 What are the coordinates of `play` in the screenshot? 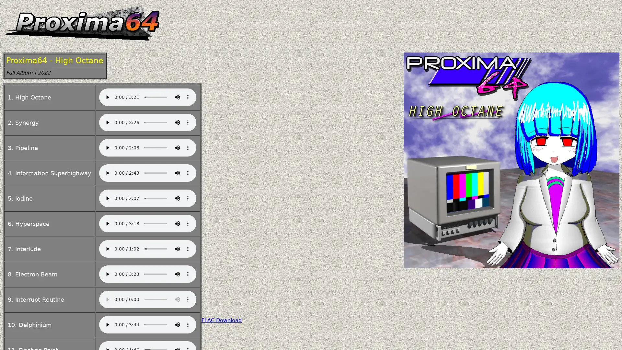 It's located at (107, 299).